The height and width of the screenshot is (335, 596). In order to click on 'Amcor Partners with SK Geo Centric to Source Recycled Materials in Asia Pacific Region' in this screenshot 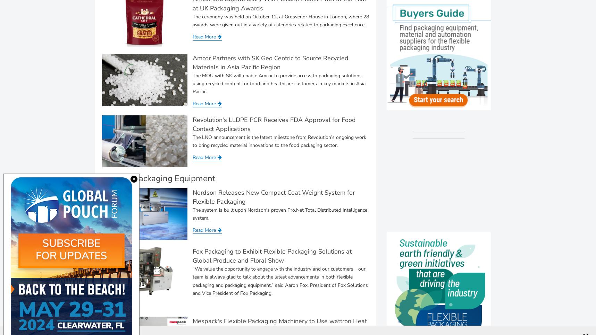, I will do `click(270, 62)`.